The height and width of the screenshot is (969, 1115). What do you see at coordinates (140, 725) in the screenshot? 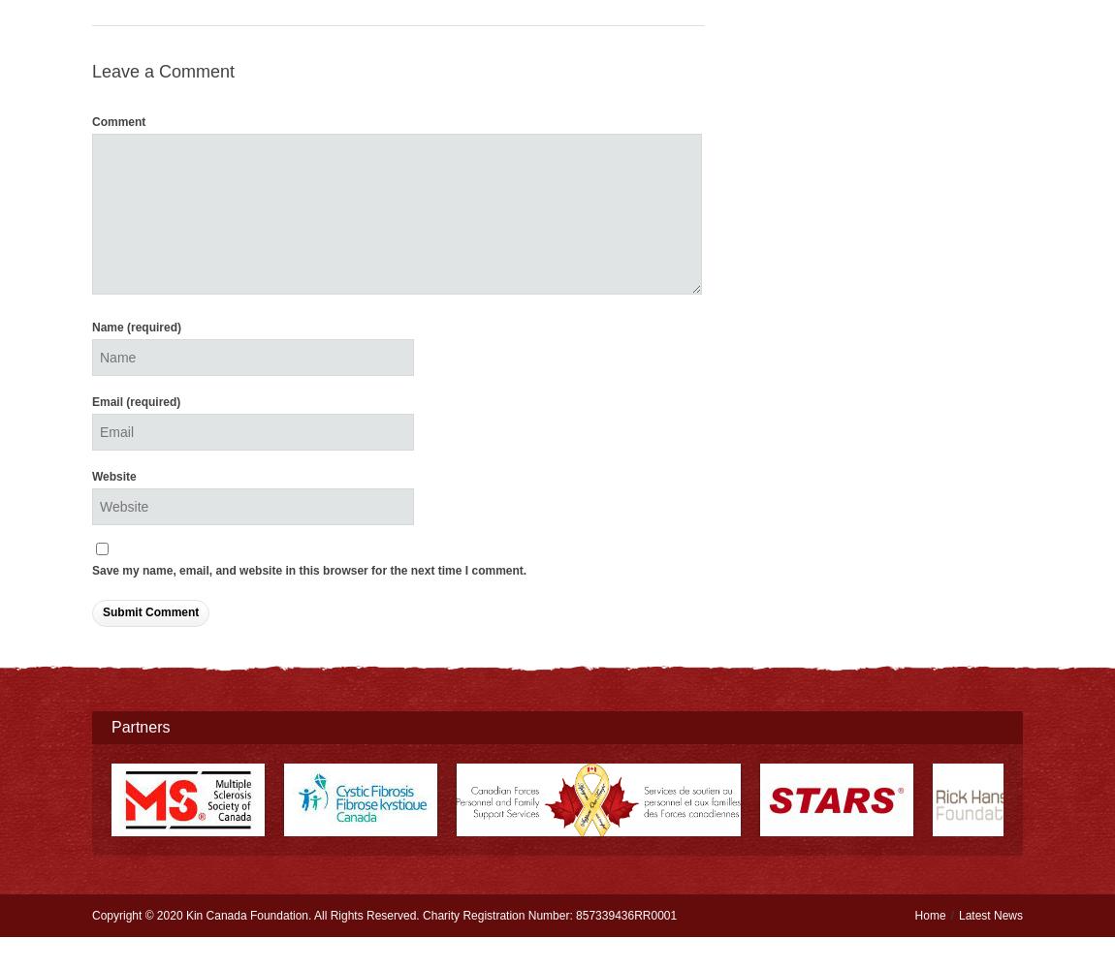
I see `'Partners'` at bounding box center [140, 725].